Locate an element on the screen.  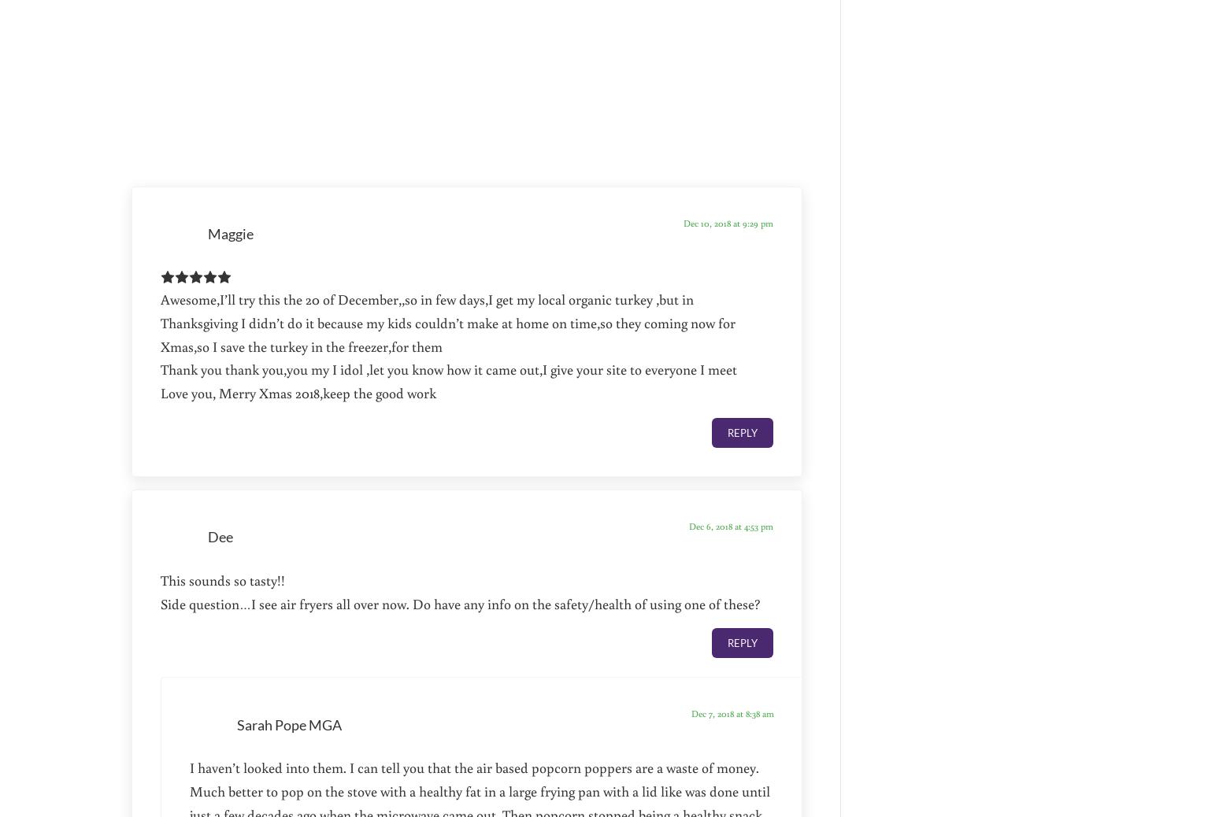
'Dec 10, 2018 at 9:29 pm' is located at coordinates (728, 223).